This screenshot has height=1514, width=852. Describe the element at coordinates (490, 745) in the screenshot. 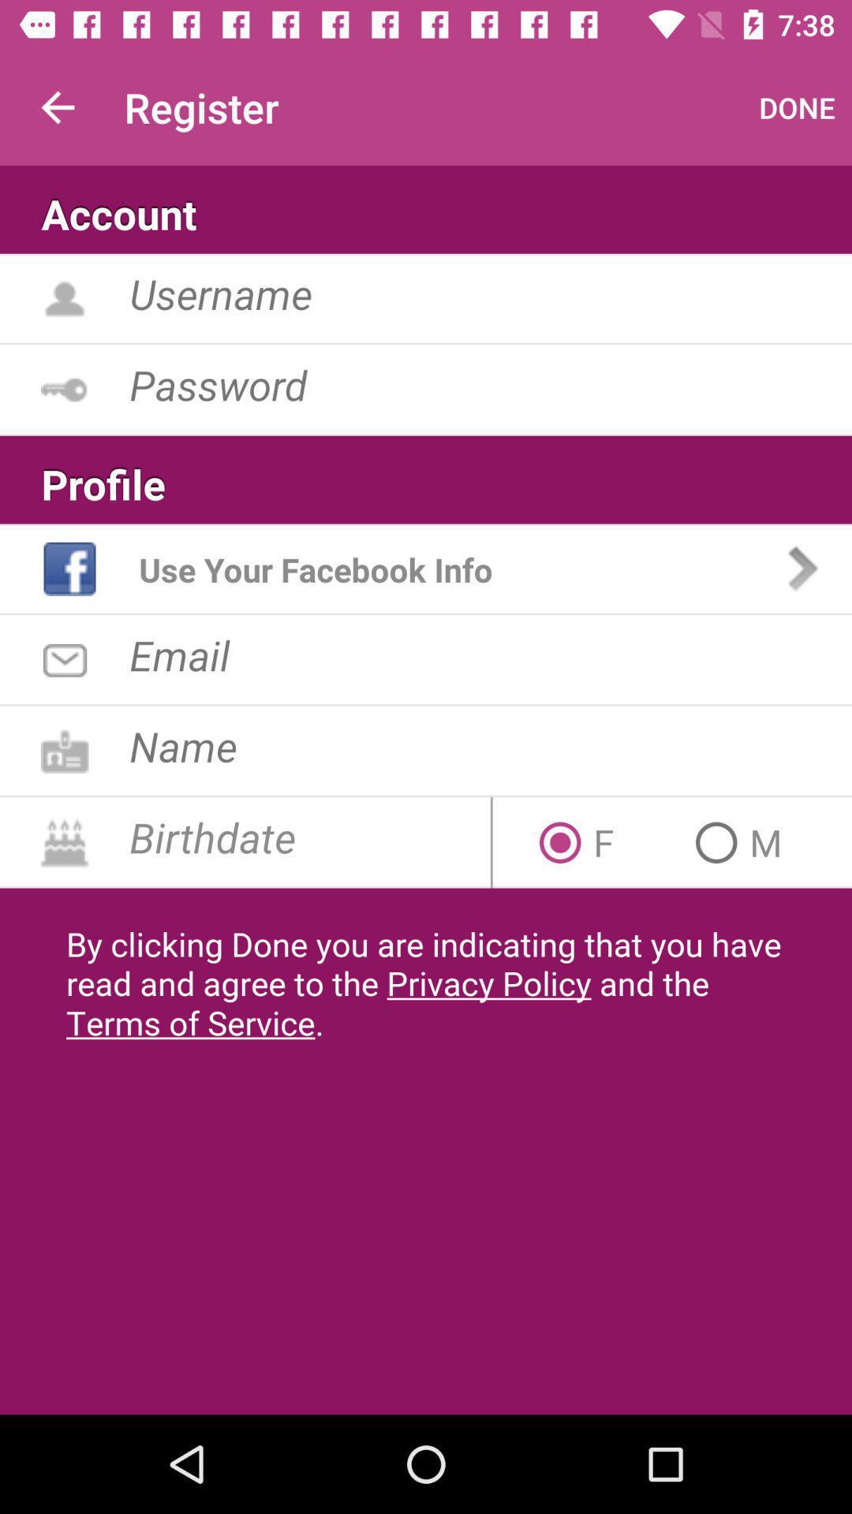

I see `name` at that location.